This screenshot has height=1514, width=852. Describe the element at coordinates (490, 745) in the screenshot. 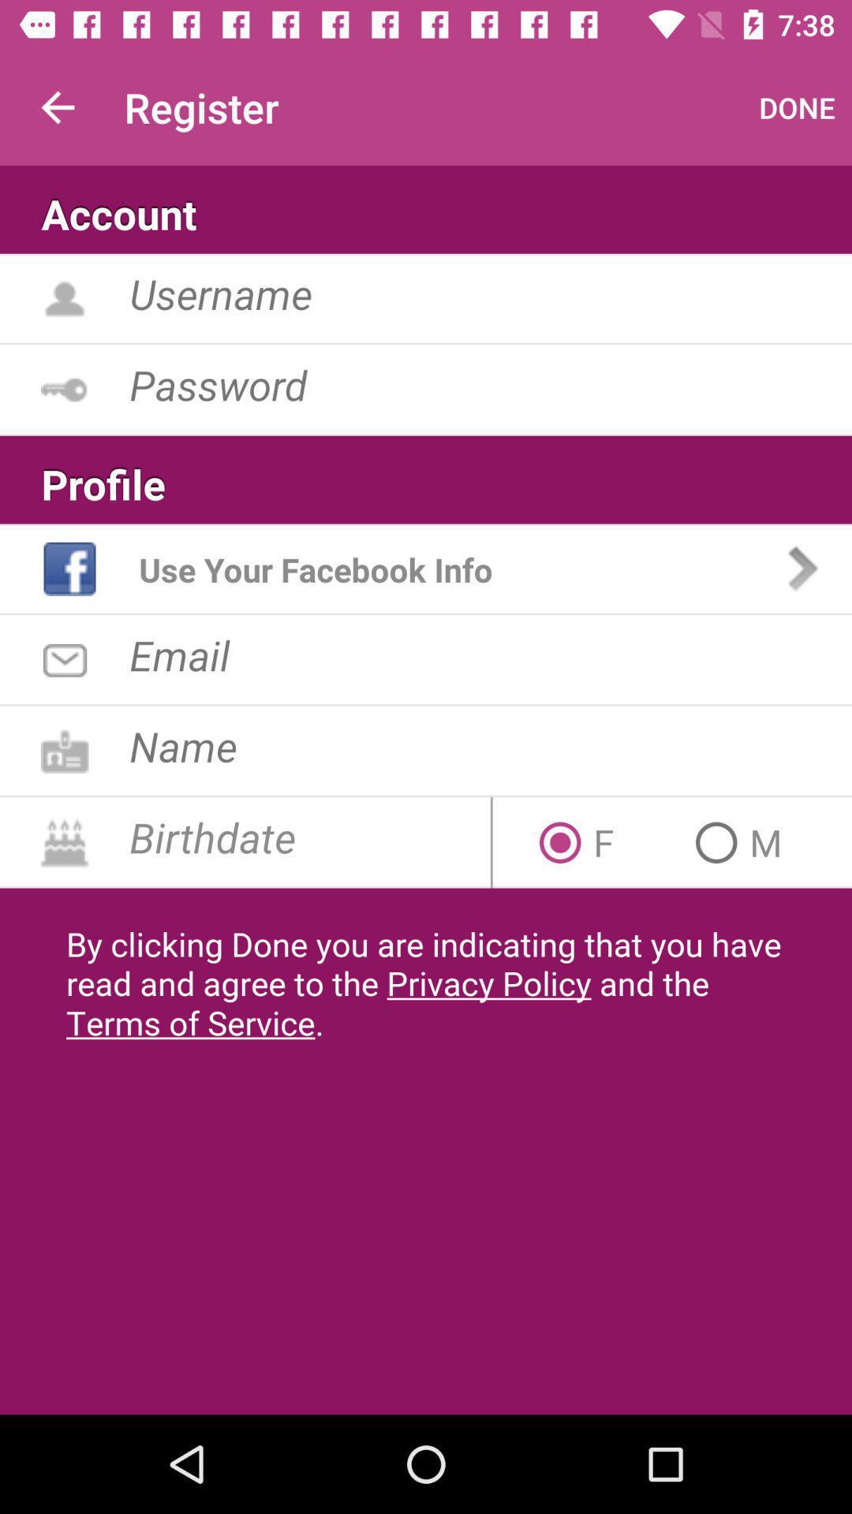

I see `name` at that location.